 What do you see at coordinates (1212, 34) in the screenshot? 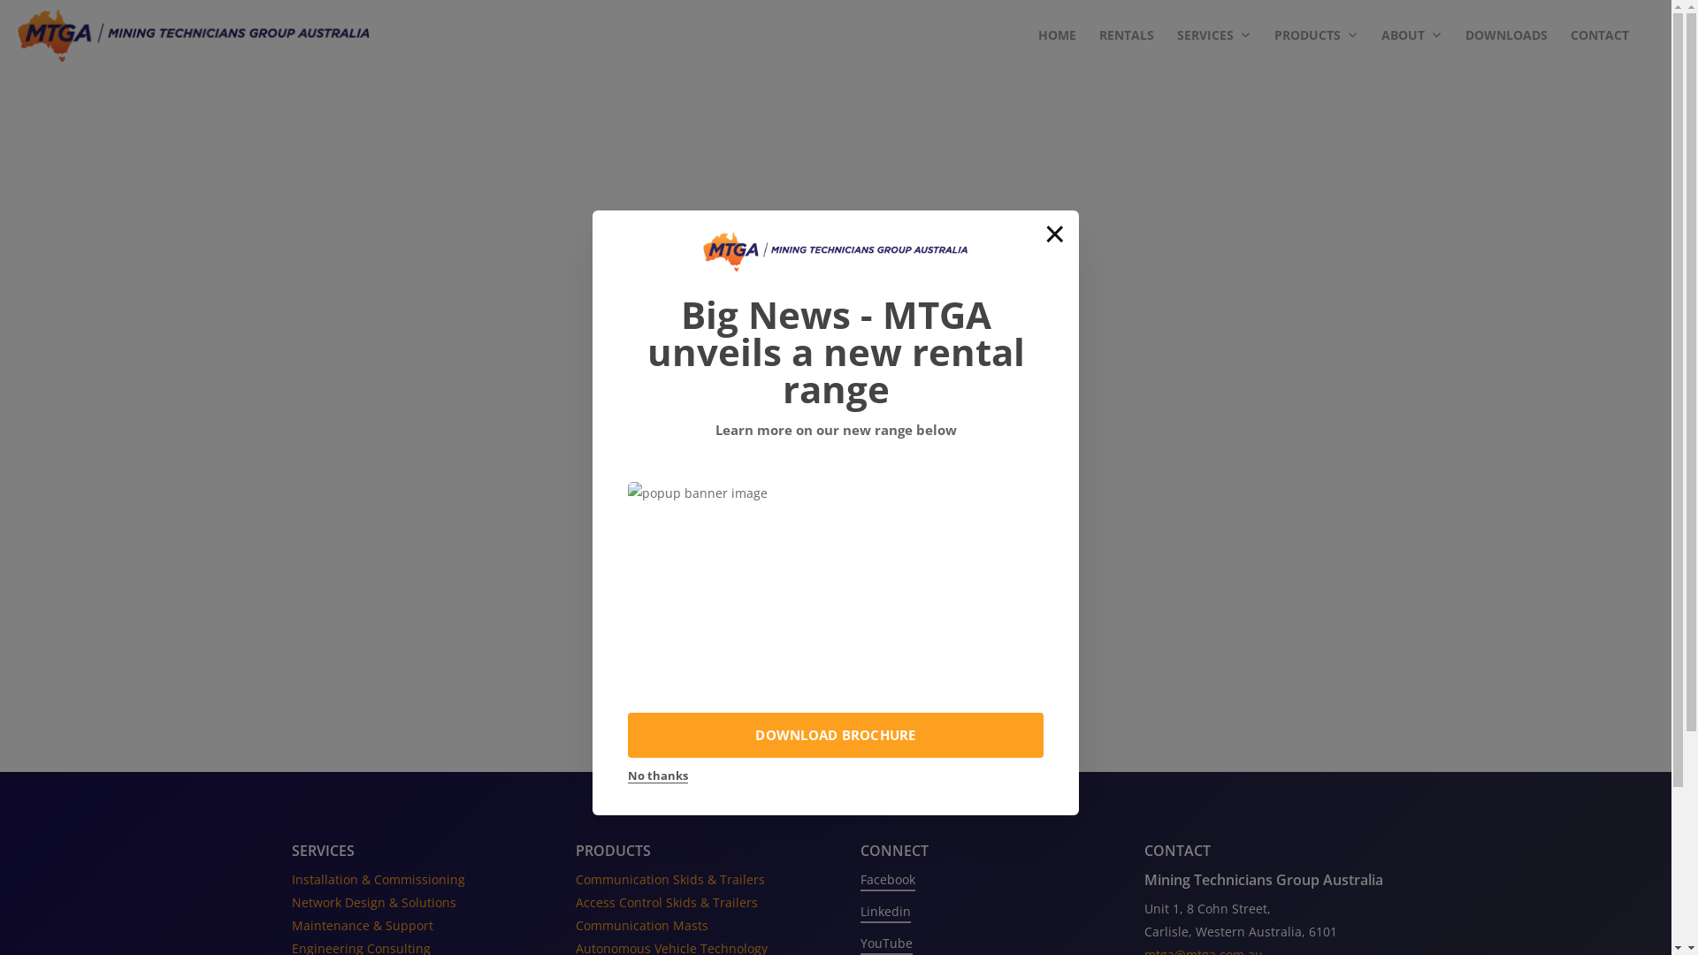
I see `'SERVICES'` at bounding box center [1212, 34].